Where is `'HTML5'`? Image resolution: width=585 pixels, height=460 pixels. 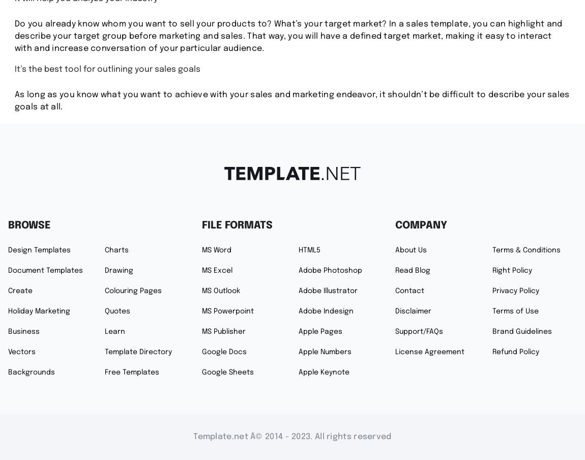
'HTML5' is located at coordinates (309, 249).